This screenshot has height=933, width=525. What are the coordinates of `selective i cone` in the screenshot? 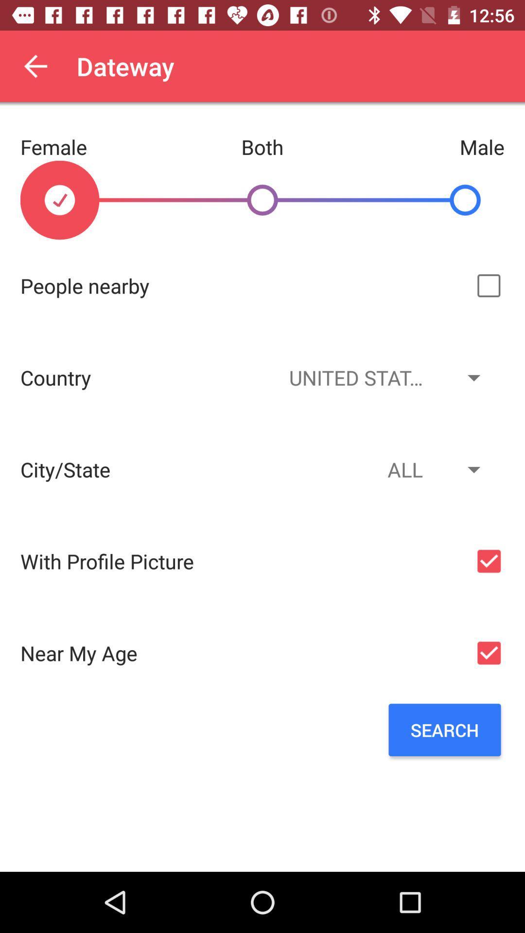 It's located at (489, 285).